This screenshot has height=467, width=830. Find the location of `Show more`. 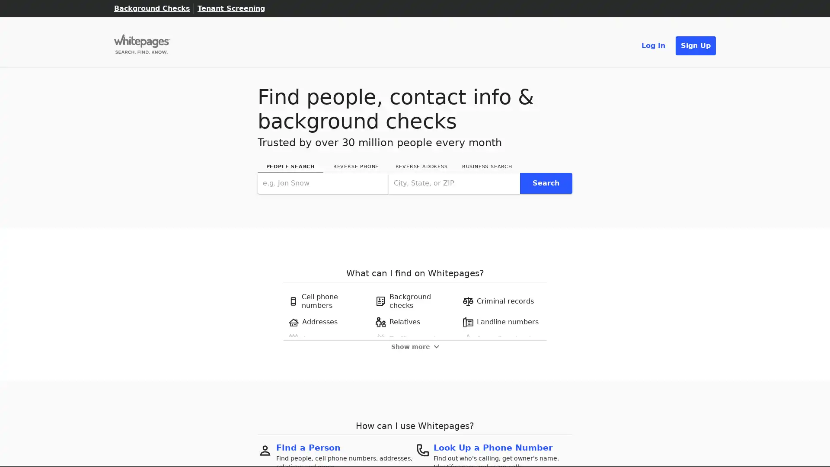

Show more is located at coordinates (414, 346).